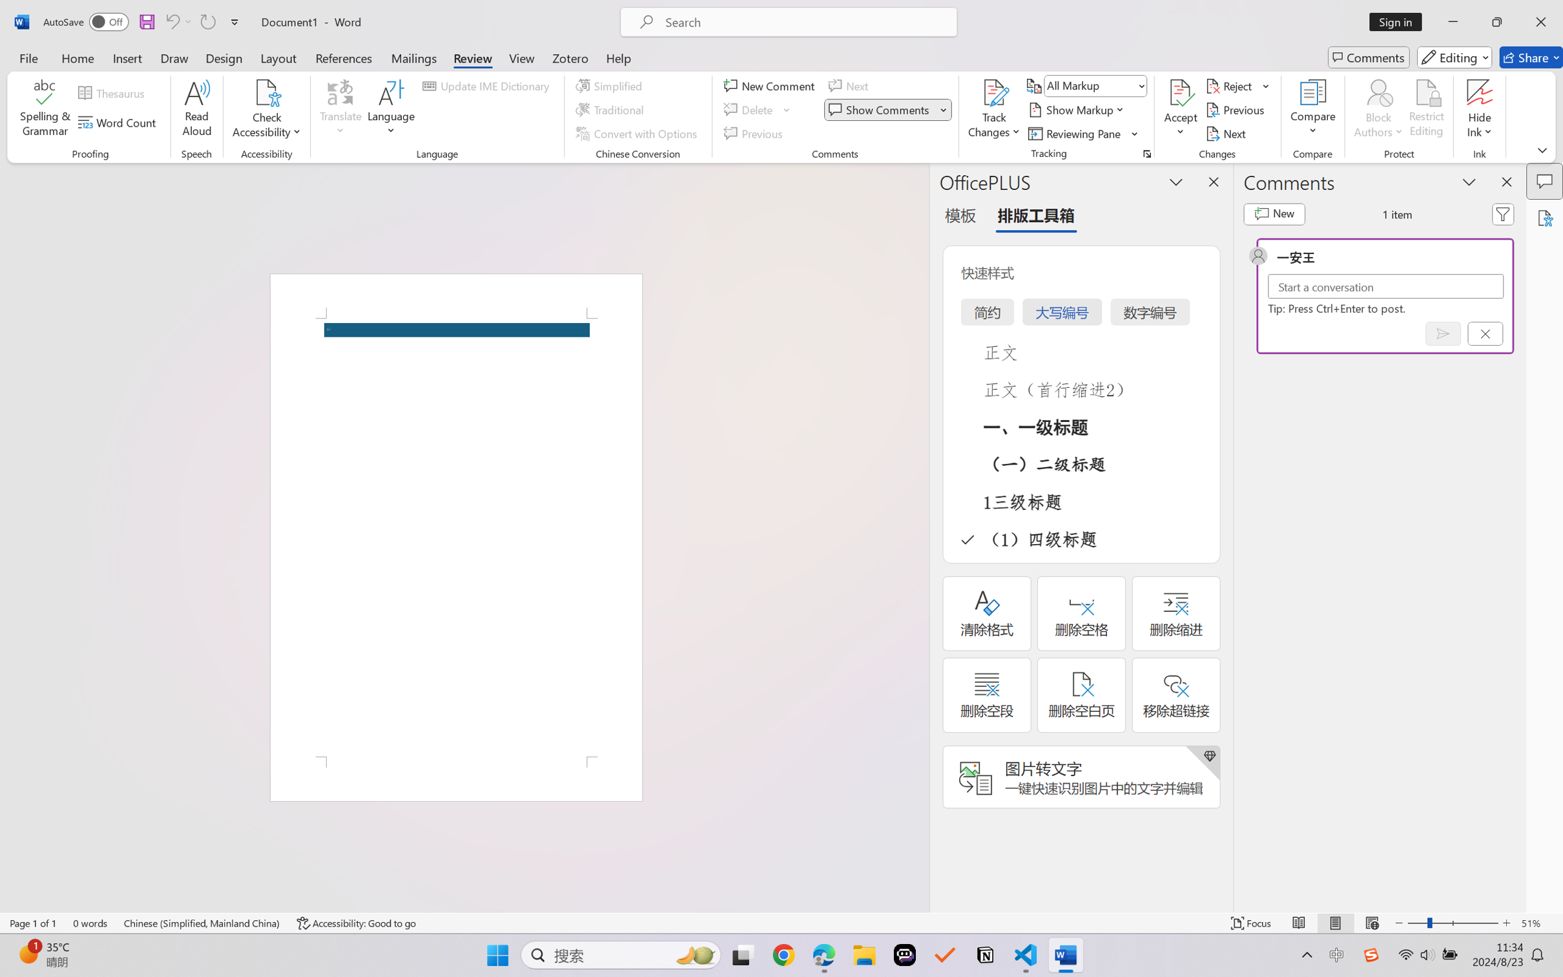  Describe the element at coordinates (114, 93) in the screenshot. I see `'Thesaurus...'` at that location.